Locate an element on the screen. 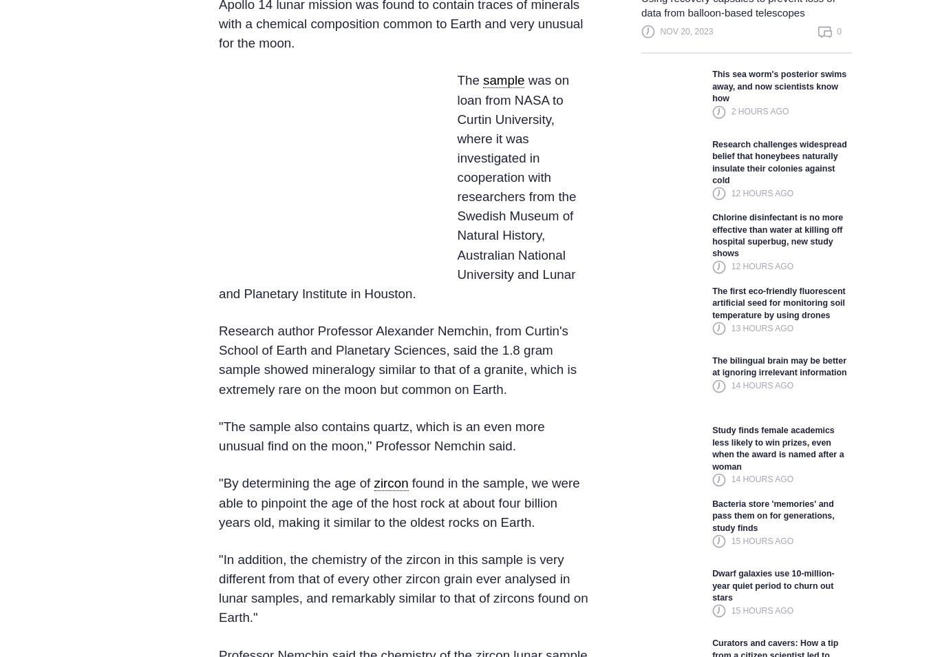 This screenshot has height=657, width=940. '"The sample also contains quartz, which is an even more unusual find on the moon," Professor Nemchin said.' is located at coordinates (381, 435).